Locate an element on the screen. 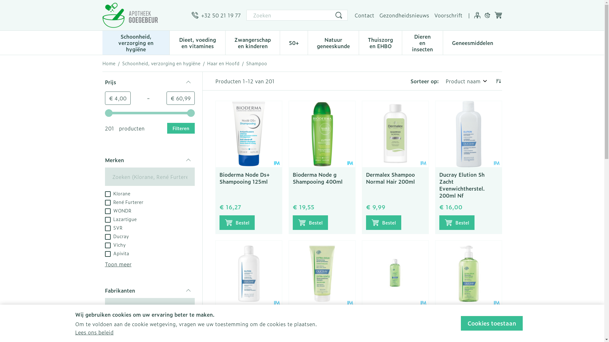  'Dieet, voeding en vitamines' is located at coordinates (197, 42).